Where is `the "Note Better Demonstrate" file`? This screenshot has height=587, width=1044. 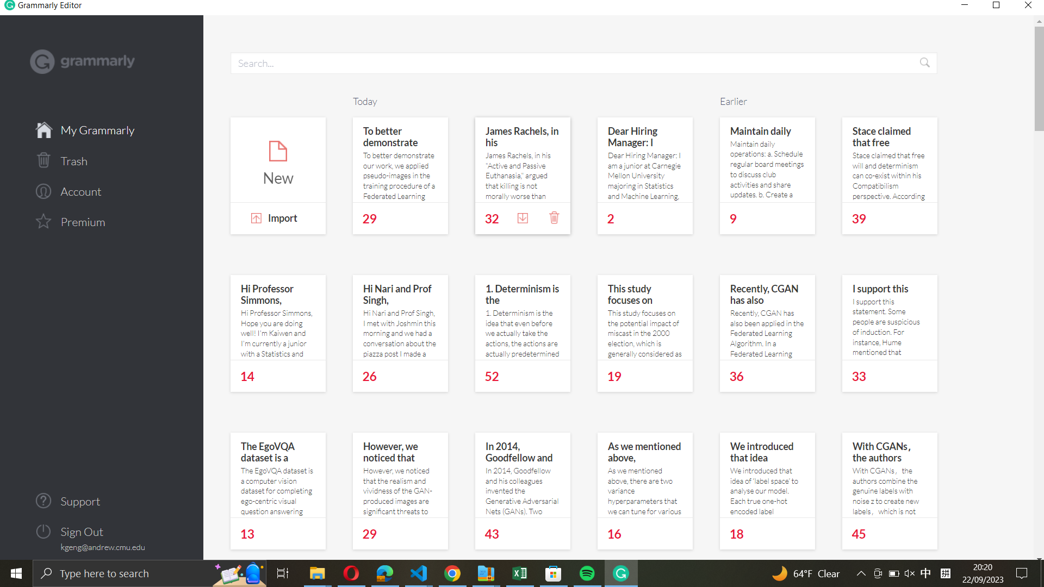 the "Note Better Demonstrate" file is located at coordinates (399, 159).